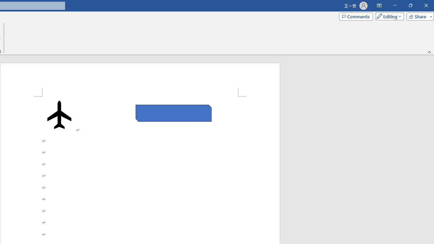 Image resolution: width=434 pixels, height=244 pixels. What do you see at coordinates (388, 16) in the screenshot?
I see `'Editing'` at bounding box center [388, 16].